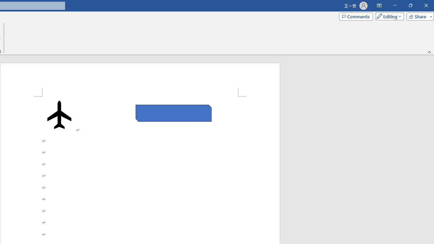 Image resolution: width=434 pixels, height=244 pixels. What do you see at coordinates (388, 16) in the screenshot?
I see `'Editing'` at bounding box center [388, 16].